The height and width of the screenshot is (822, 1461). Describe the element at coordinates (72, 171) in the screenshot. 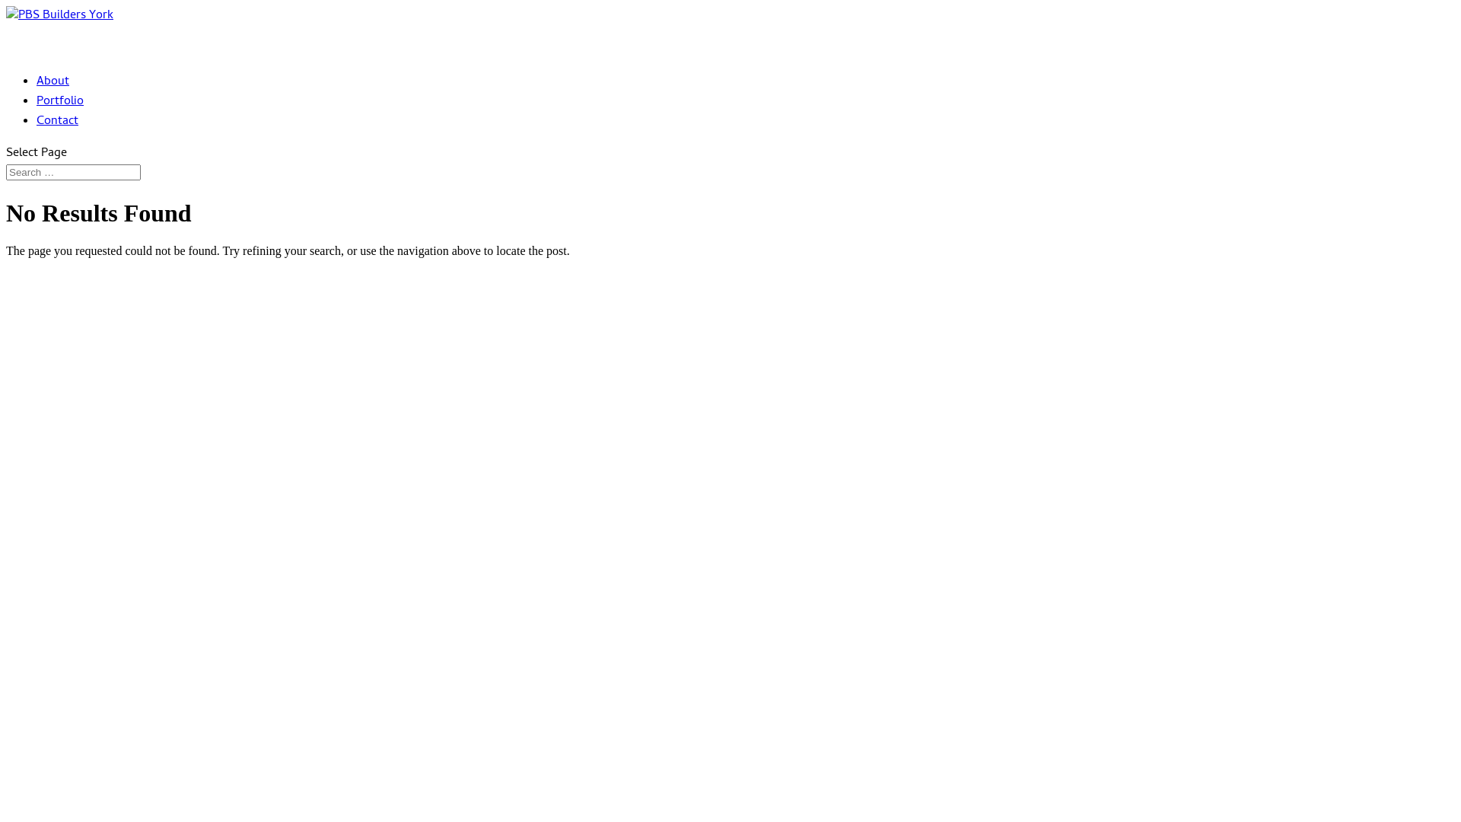

I see `'Search for:'` at that location.